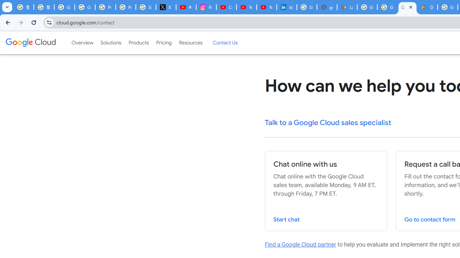  What do you see at coordinates (286, 7) in the screenshot?
I see `'Identity verification via Persona | LinkedIn Help'` at bounding box center [286, 7].